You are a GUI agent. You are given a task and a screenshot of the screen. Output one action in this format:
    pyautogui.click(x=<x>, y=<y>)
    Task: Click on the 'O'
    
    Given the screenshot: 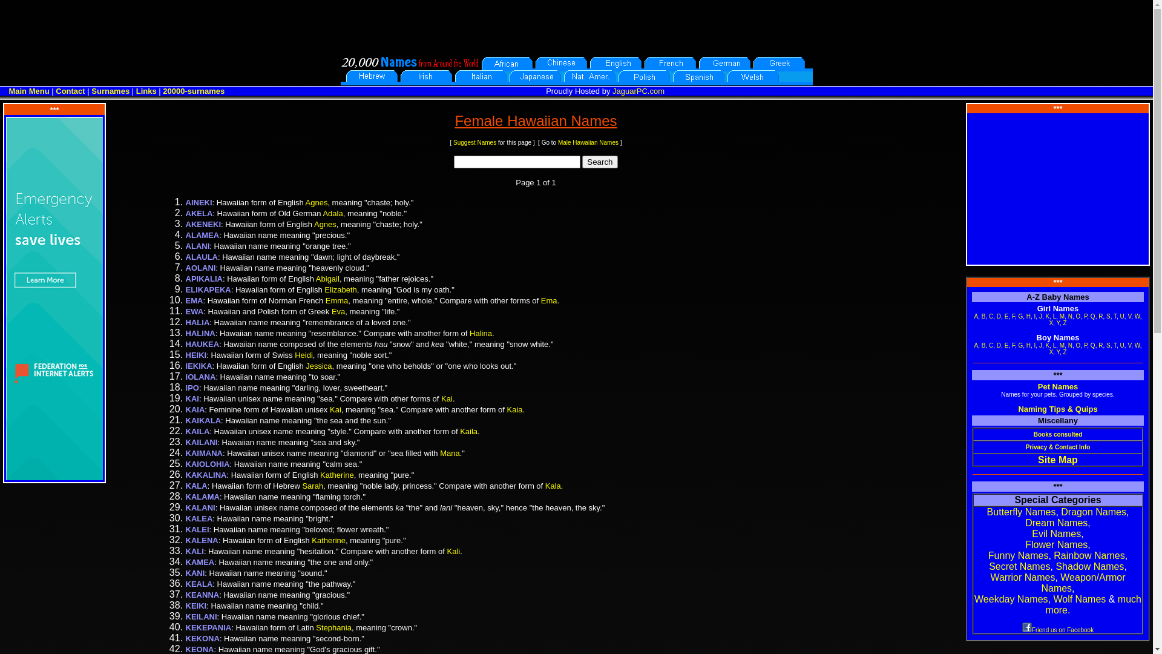 What is the action you would take?
    pyautogui.click(x=1078, y=345)
    